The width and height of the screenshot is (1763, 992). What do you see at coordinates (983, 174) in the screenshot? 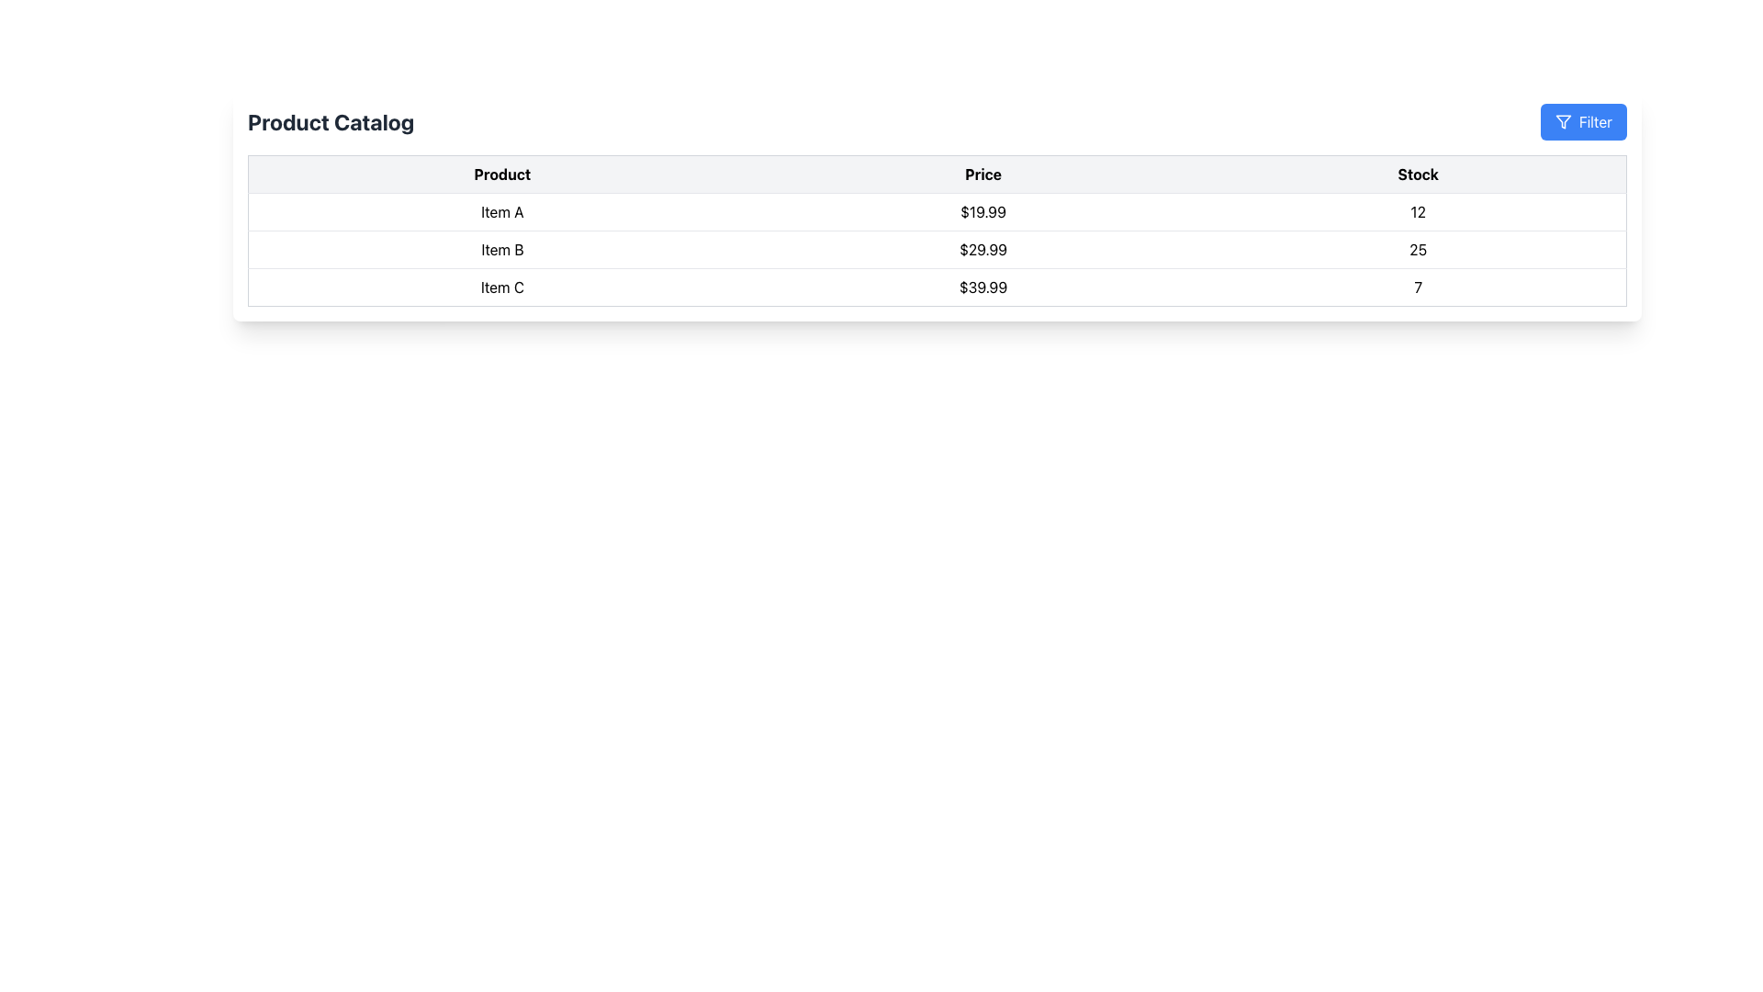
I see `the 'Price' static text label in the table header, which is styled with a black bold font and is located between the 'Product' and 'Stock' columns` at bounding box center [983, 174].